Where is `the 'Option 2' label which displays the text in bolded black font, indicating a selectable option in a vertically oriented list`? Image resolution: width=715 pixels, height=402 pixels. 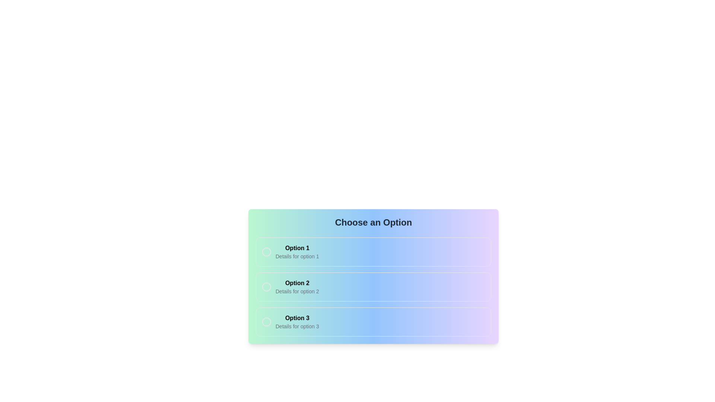
the 'Option 2' label which displays the text in bolded black font, indicating a selectable option in a vertically oriented list is located at coordinates (297, 283).